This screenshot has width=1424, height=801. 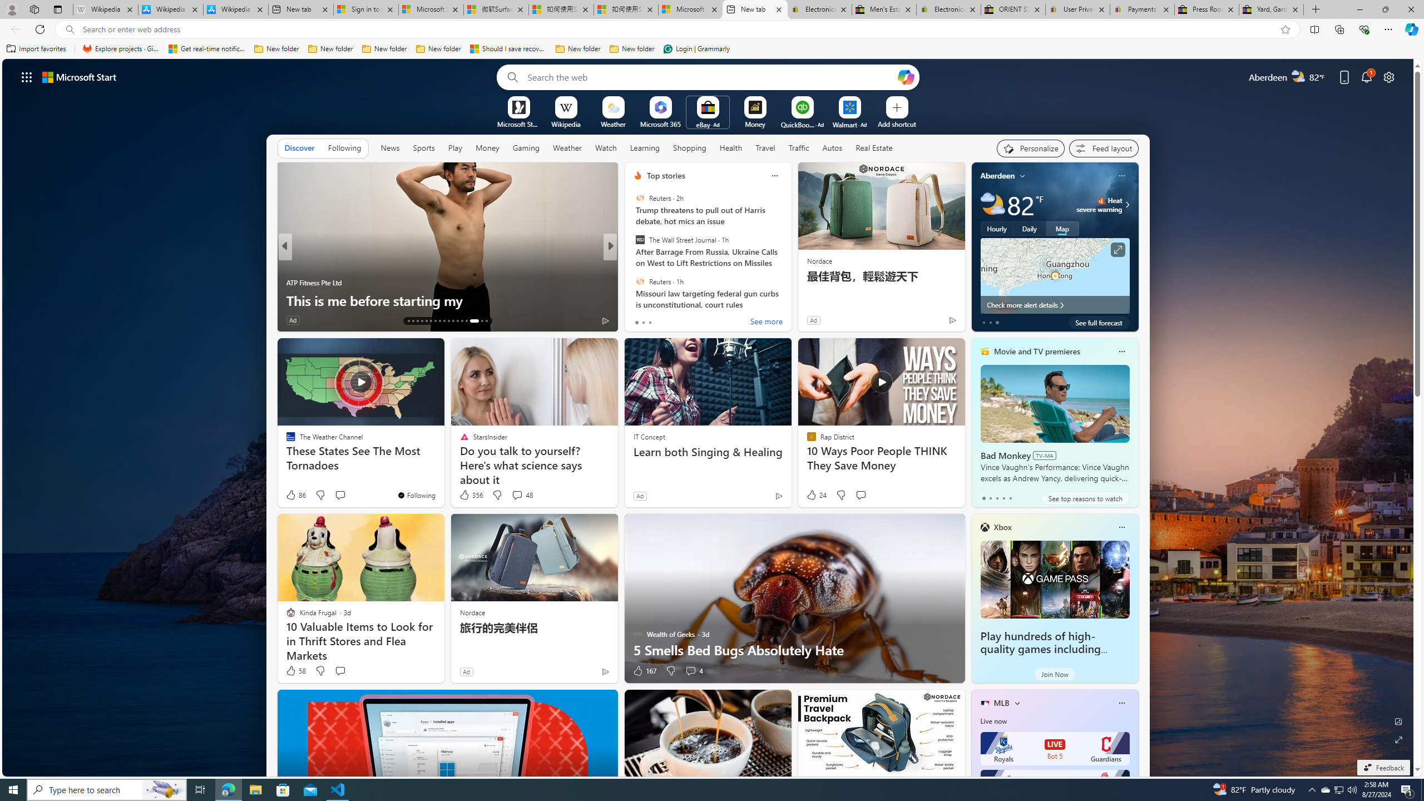 What do you see at coordinates (466, 321) in the screenshot?
I see `'AutomationID: tab-26'` at bounding box center [466, 321].